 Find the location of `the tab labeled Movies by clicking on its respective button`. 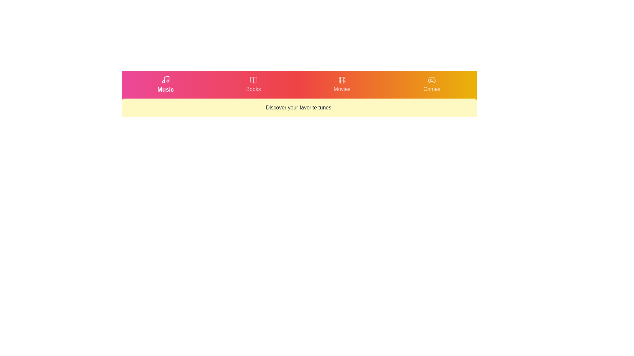

the tab labeled Movies by clicking on its respective button is located at coordinates (342, 84).